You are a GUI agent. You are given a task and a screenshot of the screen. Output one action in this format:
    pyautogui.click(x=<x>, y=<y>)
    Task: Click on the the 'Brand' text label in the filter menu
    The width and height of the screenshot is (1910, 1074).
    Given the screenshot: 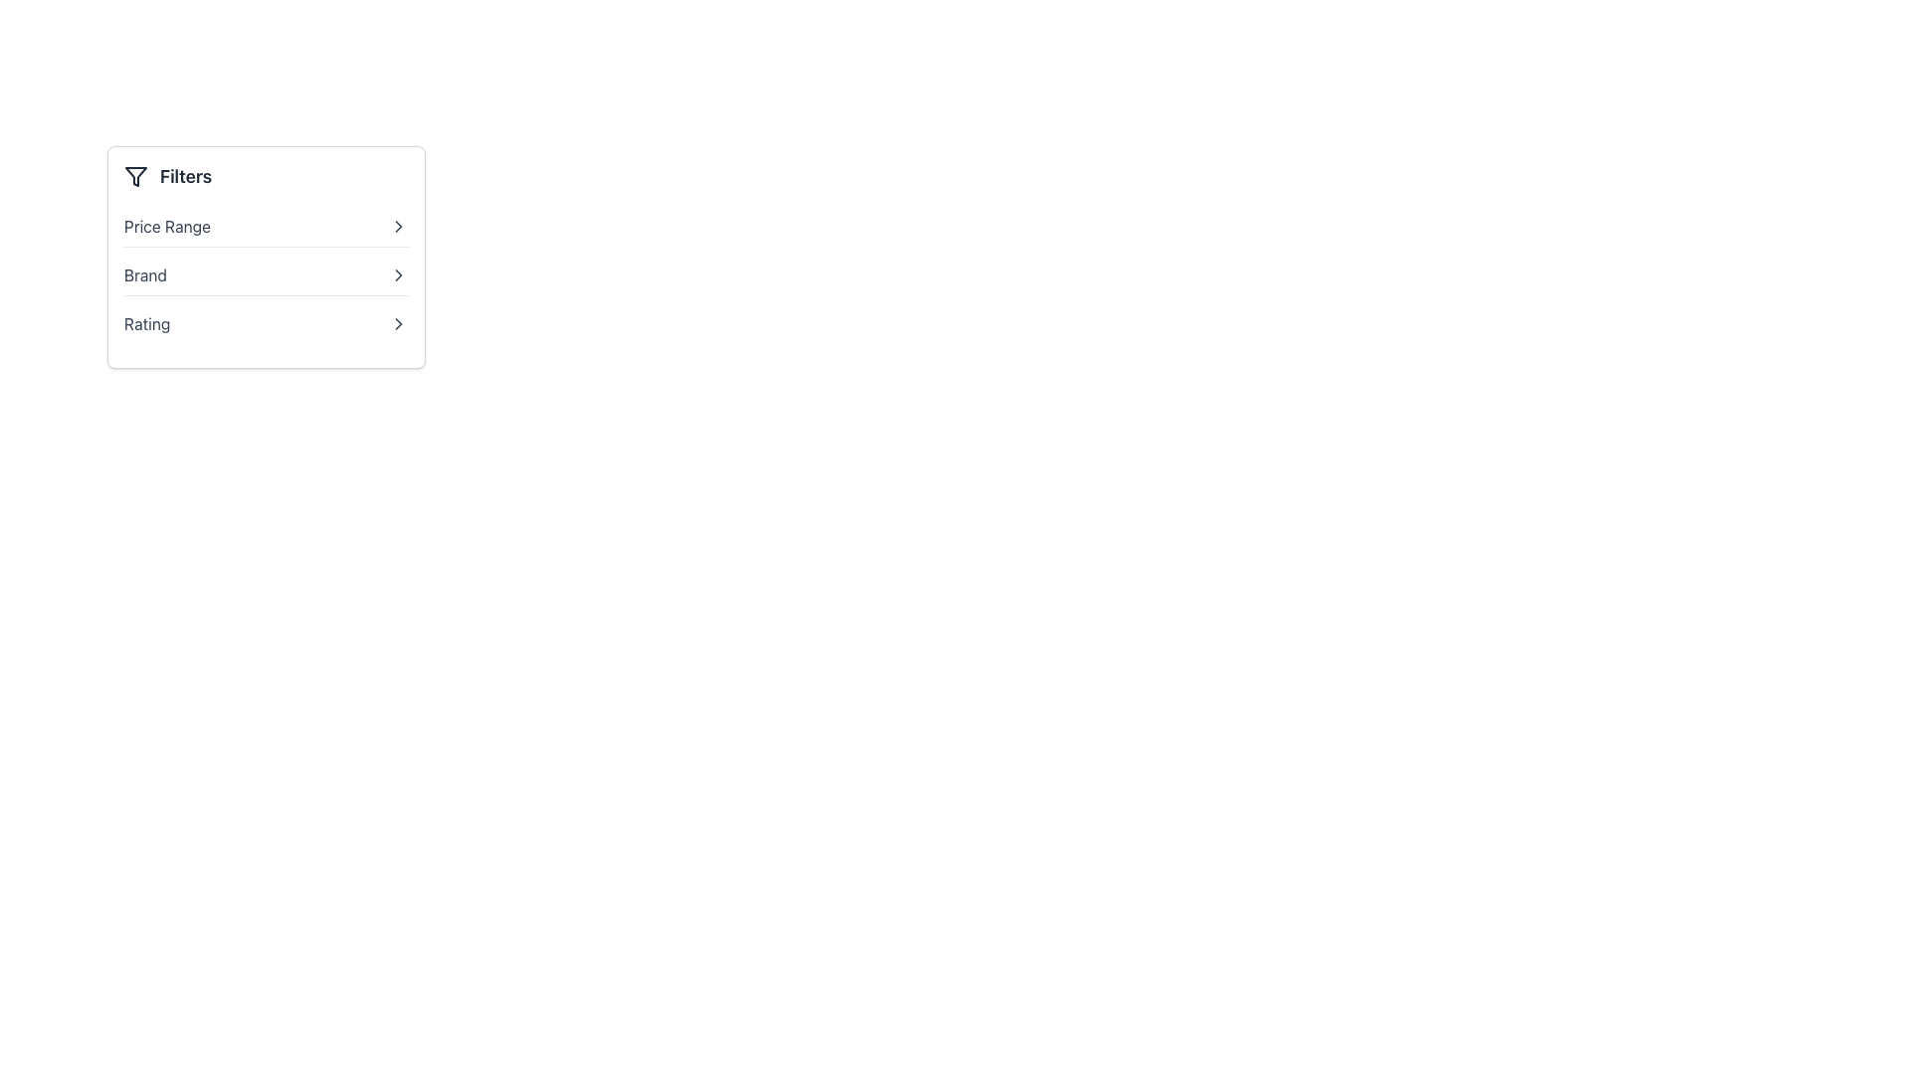 What is the action you would take?
    pyautogui.click(x=143, y=275)
    